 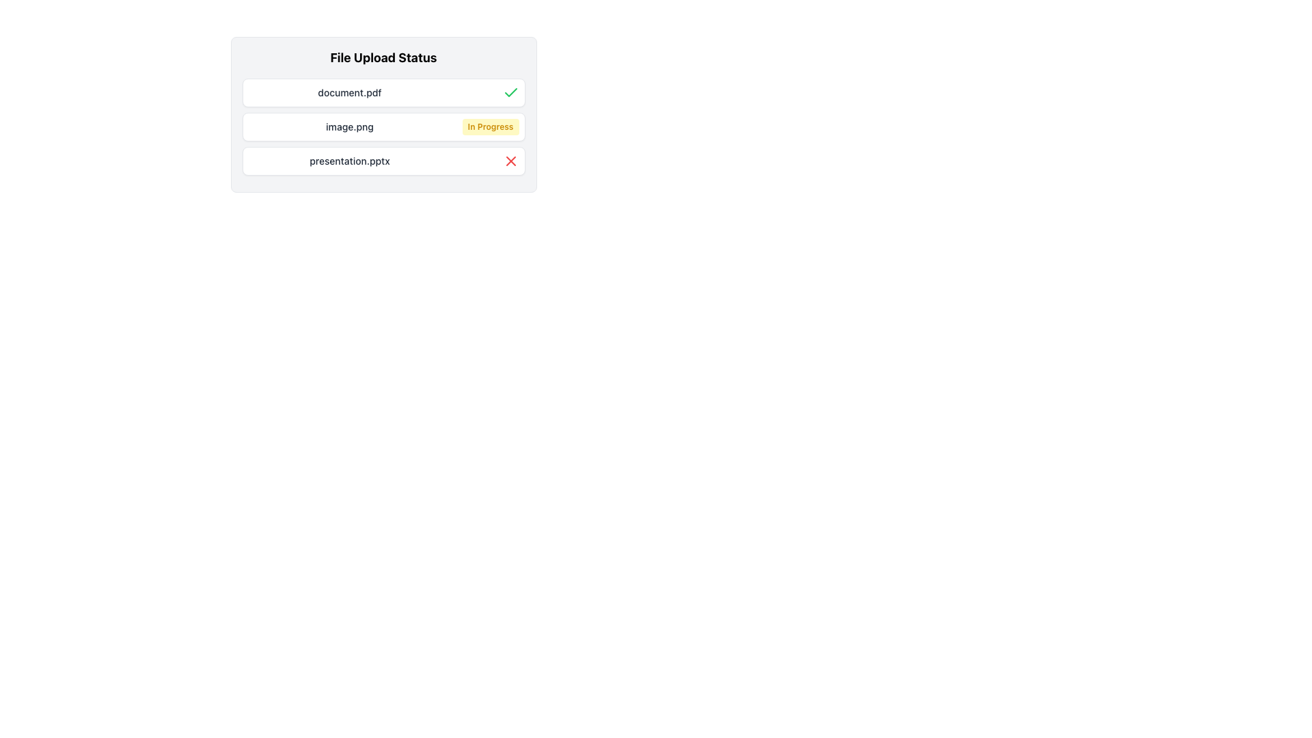 I want to click on the second status display card in the File Upload Status list, which shows 'image.png' on the left and a yellow 'In Progress' badge on the right, so click(x=383, y=126).